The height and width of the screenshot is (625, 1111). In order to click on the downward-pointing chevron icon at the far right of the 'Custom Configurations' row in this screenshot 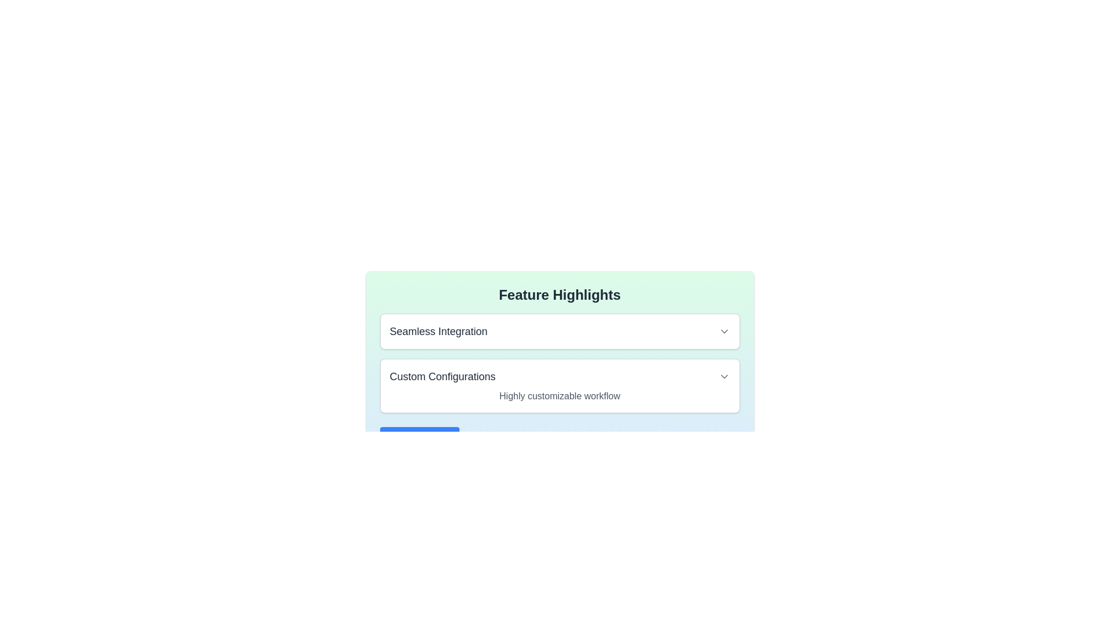, I will do `click(723, 377)`.